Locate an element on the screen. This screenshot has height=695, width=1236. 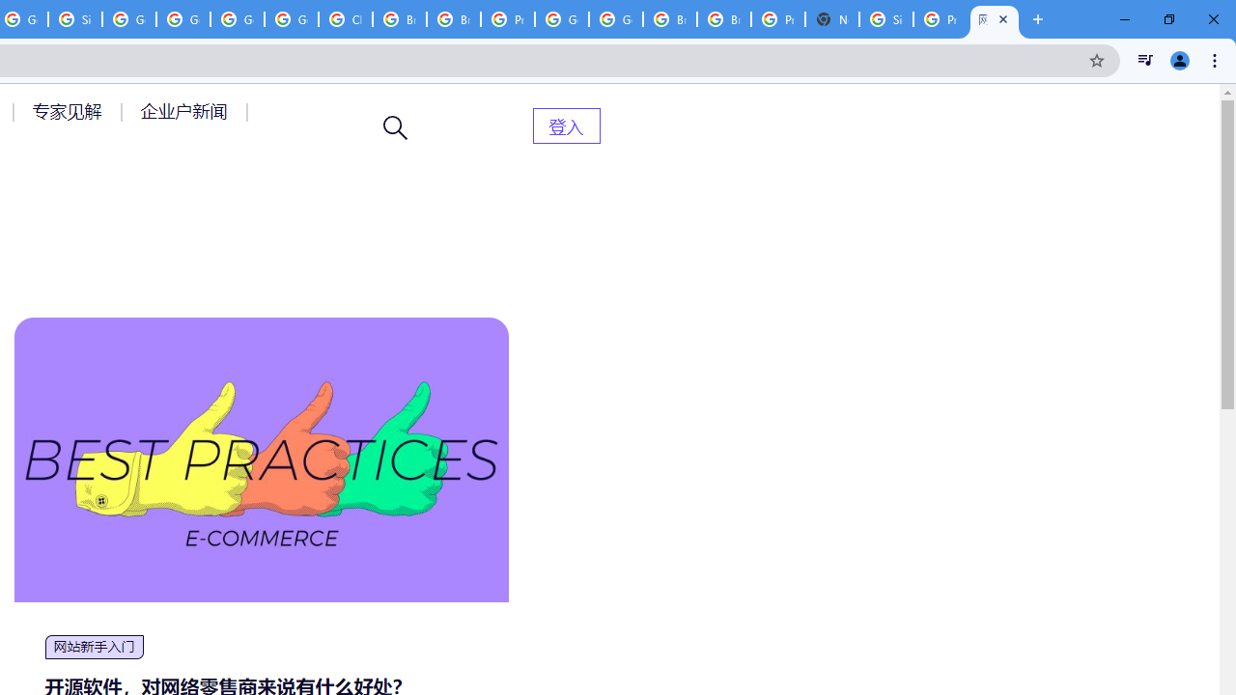
'Google Cloud Platform' is located at coordinates (615, 19).